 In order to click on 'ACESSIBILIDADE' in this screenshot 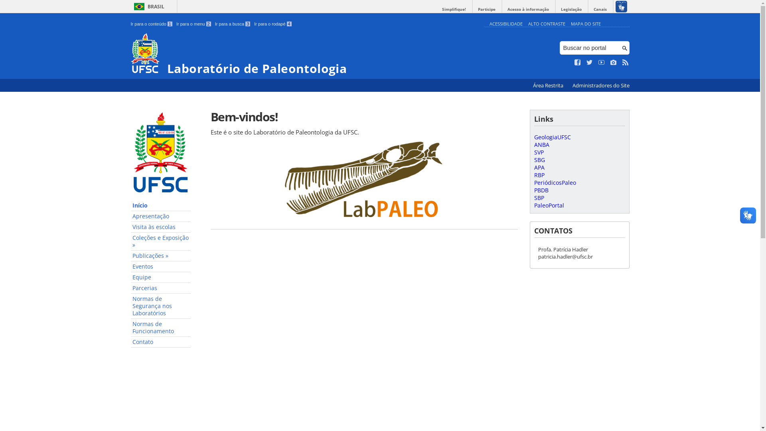, I will do `click(505, 23)`.